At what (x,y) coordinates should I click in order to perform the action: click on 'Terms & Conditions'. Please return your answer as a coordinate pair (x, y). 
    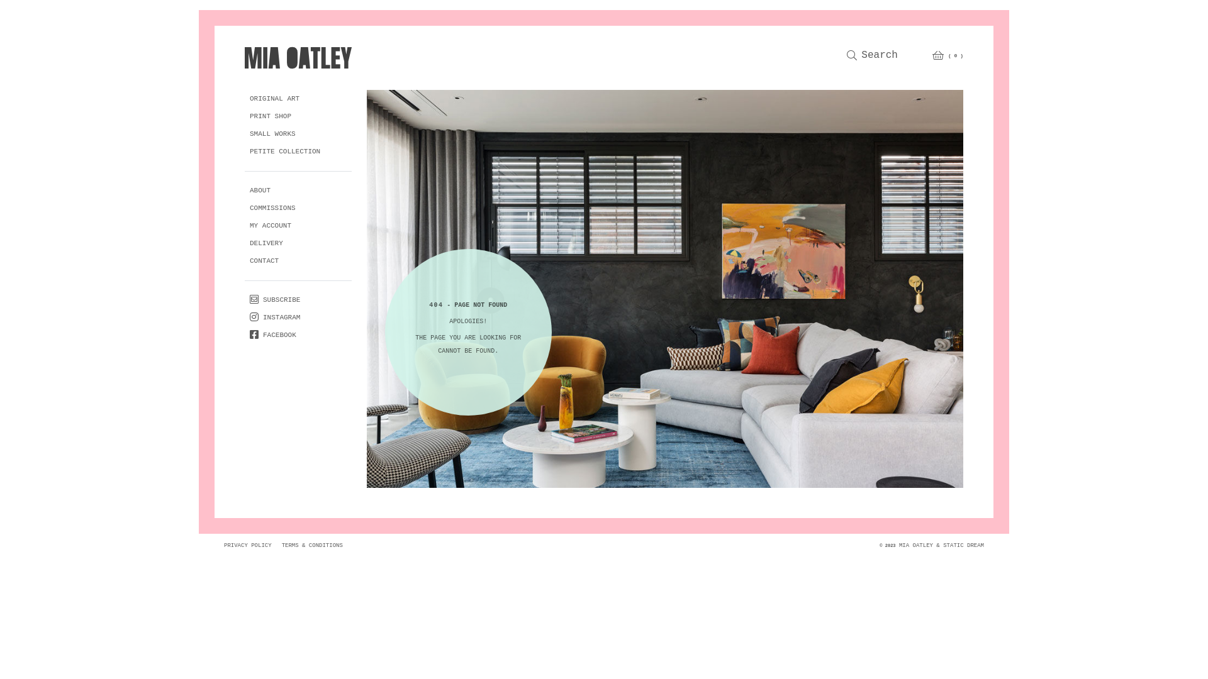
    Looking at the image, I should click on (312, 544).